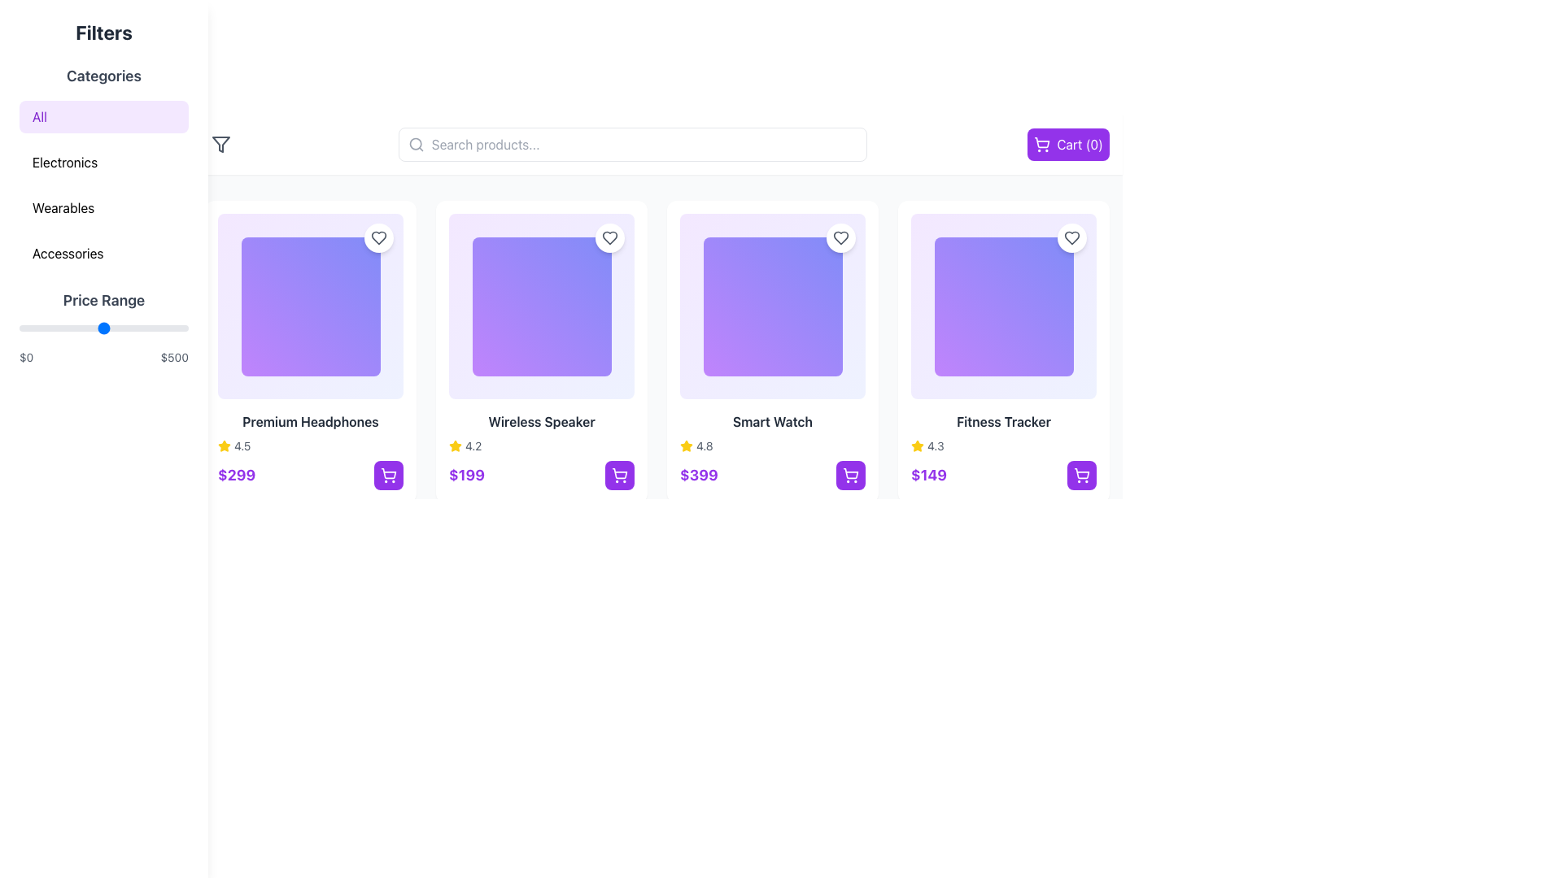 Image resolution: width=1562 pixels, height=878 pixels. What do you see at coordinates (20, 328) in the screenshot?
I see `the price range slider` at bounding box center [20, 328].